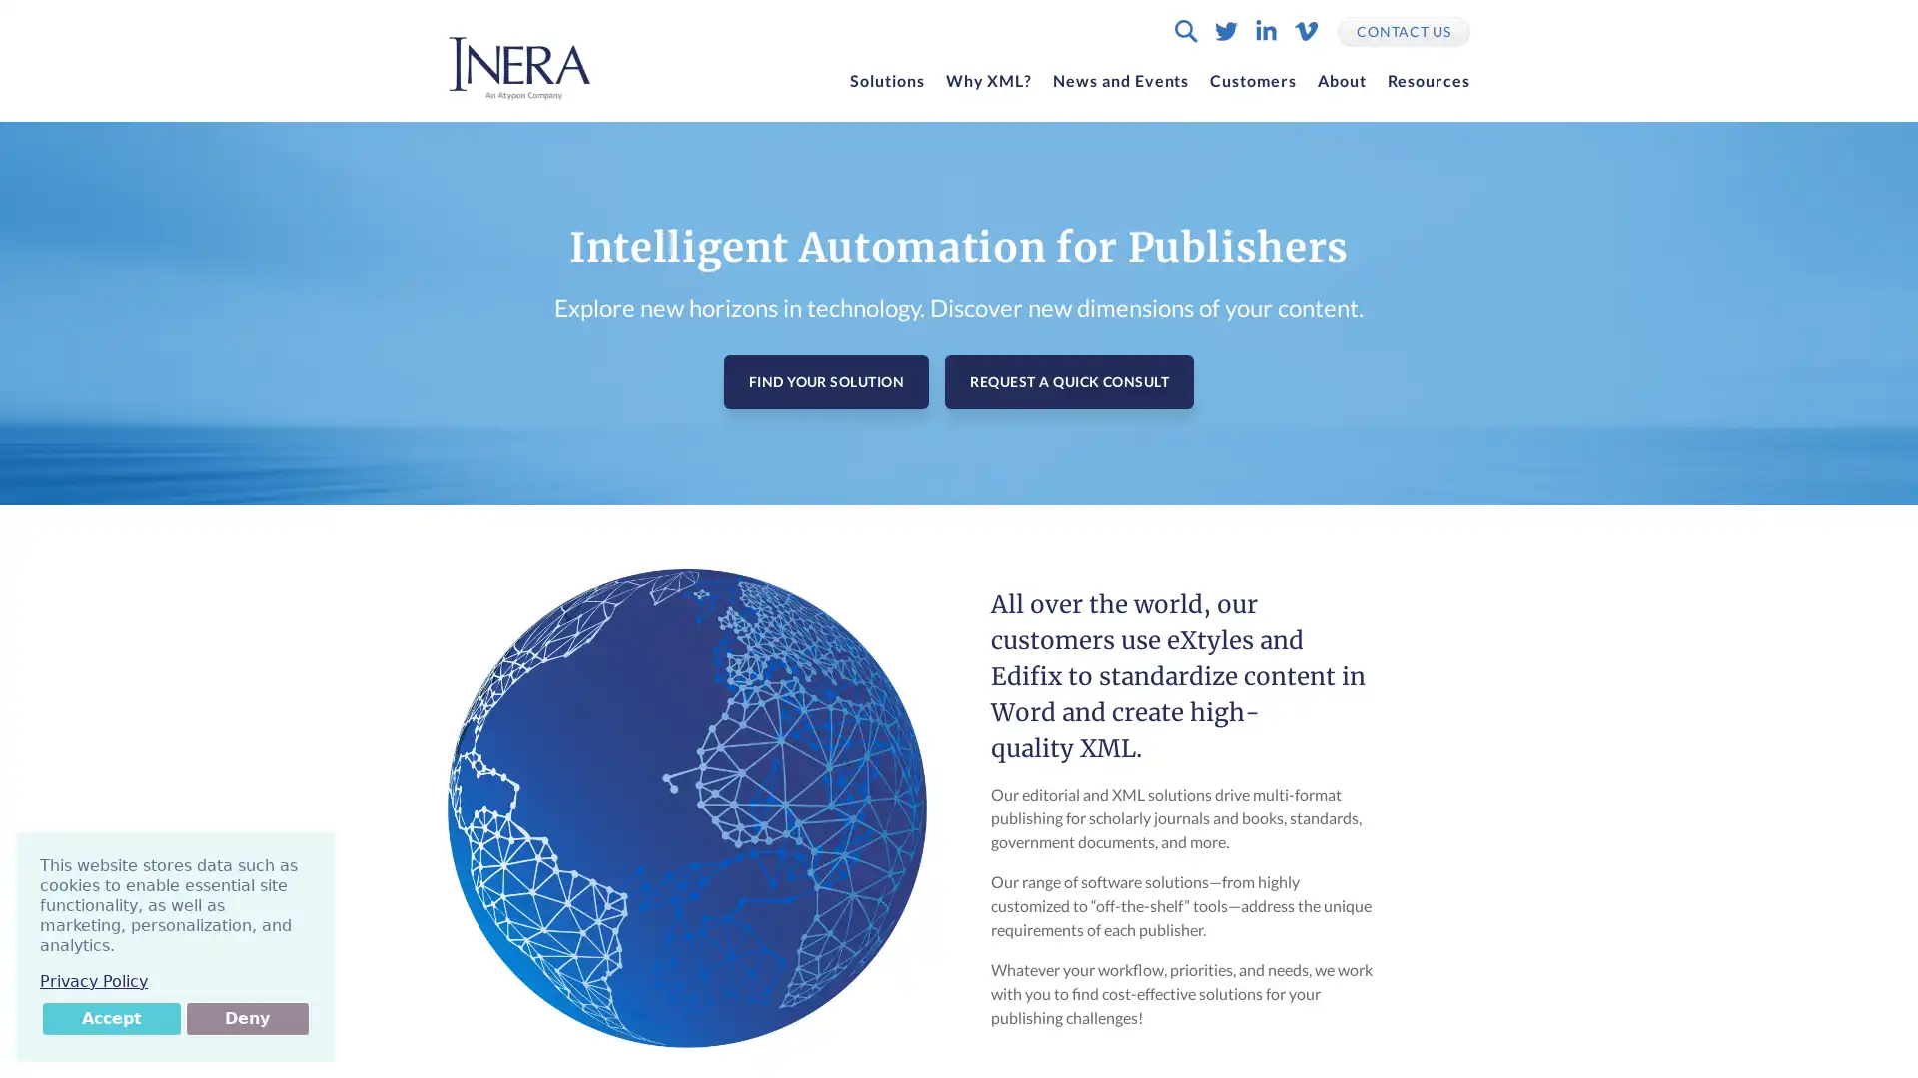 The image size is (1918, 1078). I want to click on Deny, so click(246, 1019).